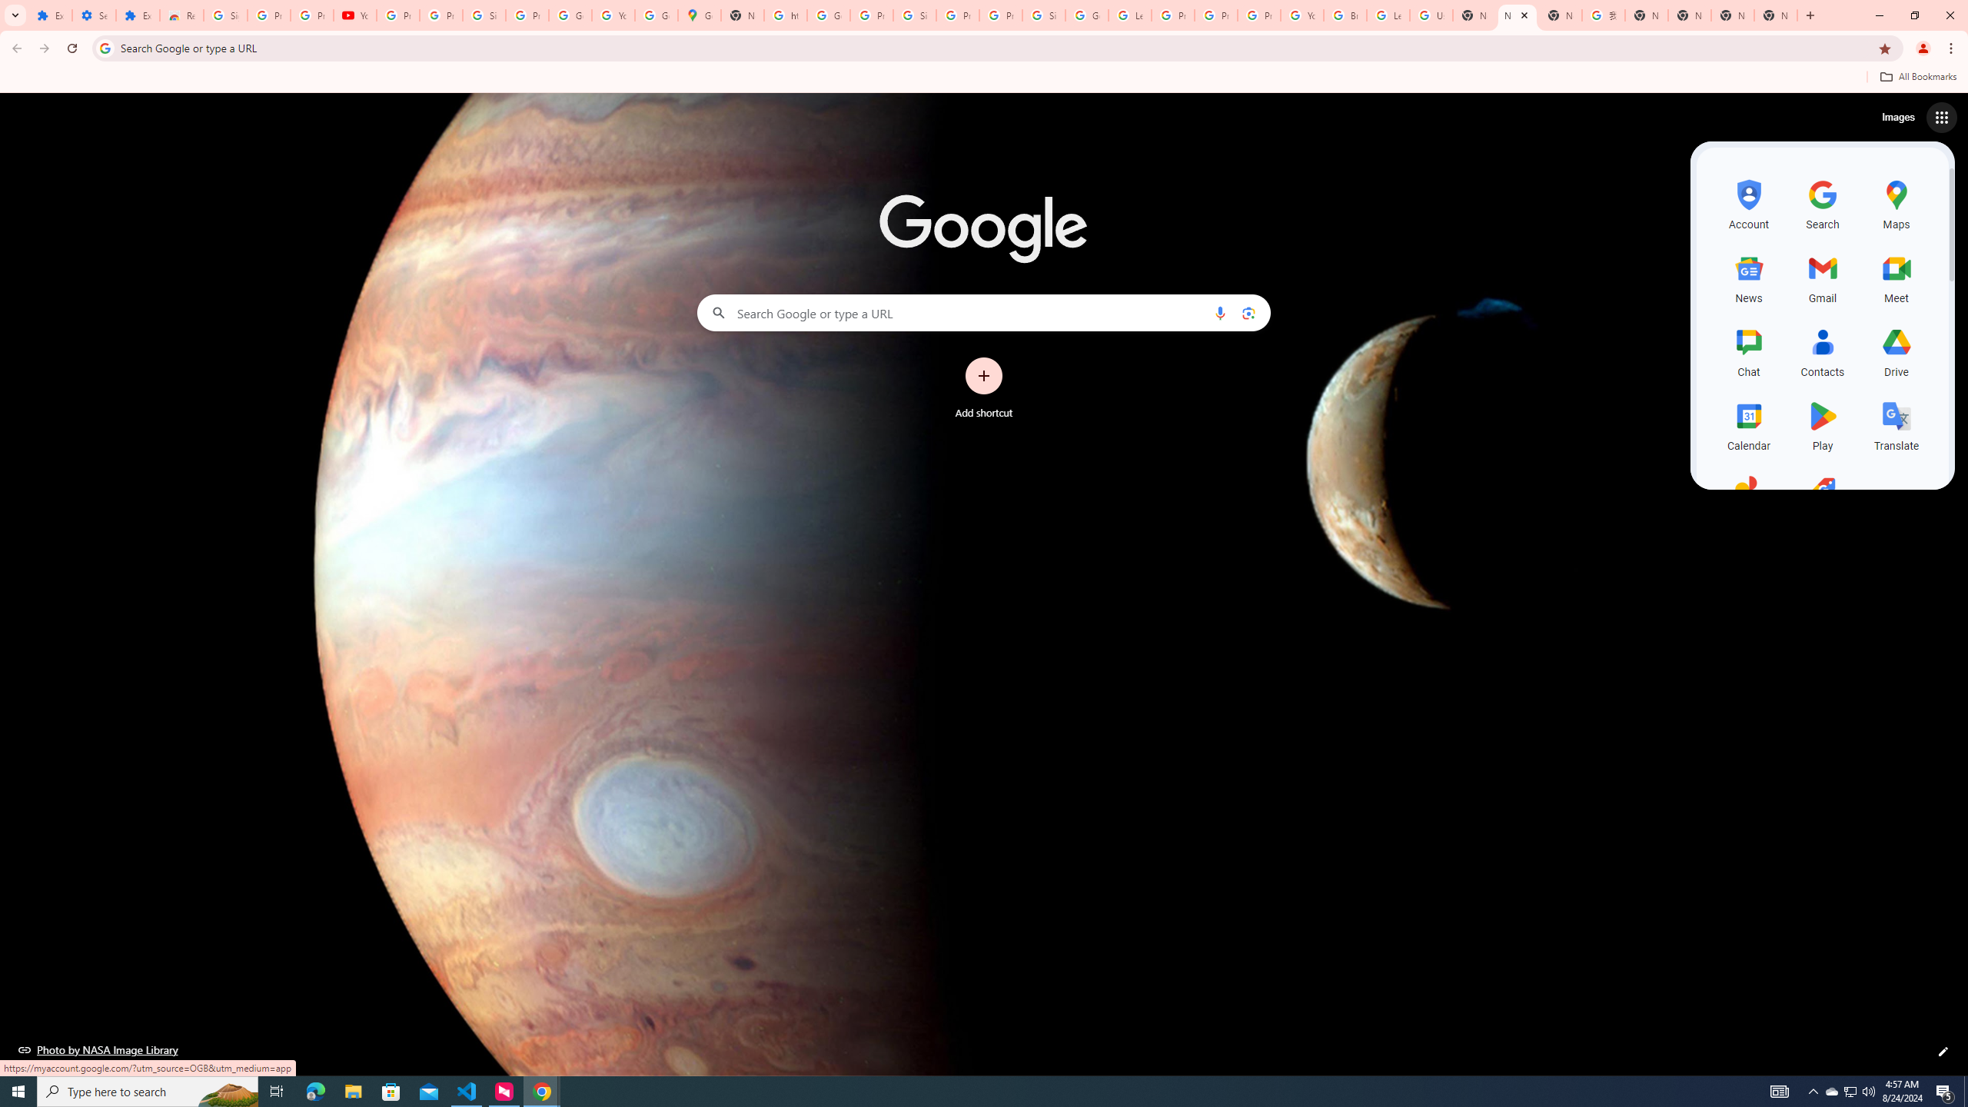 Image resolution: width=1968 pixels, height=1107 pixels. What do you see at coordinates (612, 15) in the screenshot?
I see `'YouTube'` at bounding box center [612, 15].